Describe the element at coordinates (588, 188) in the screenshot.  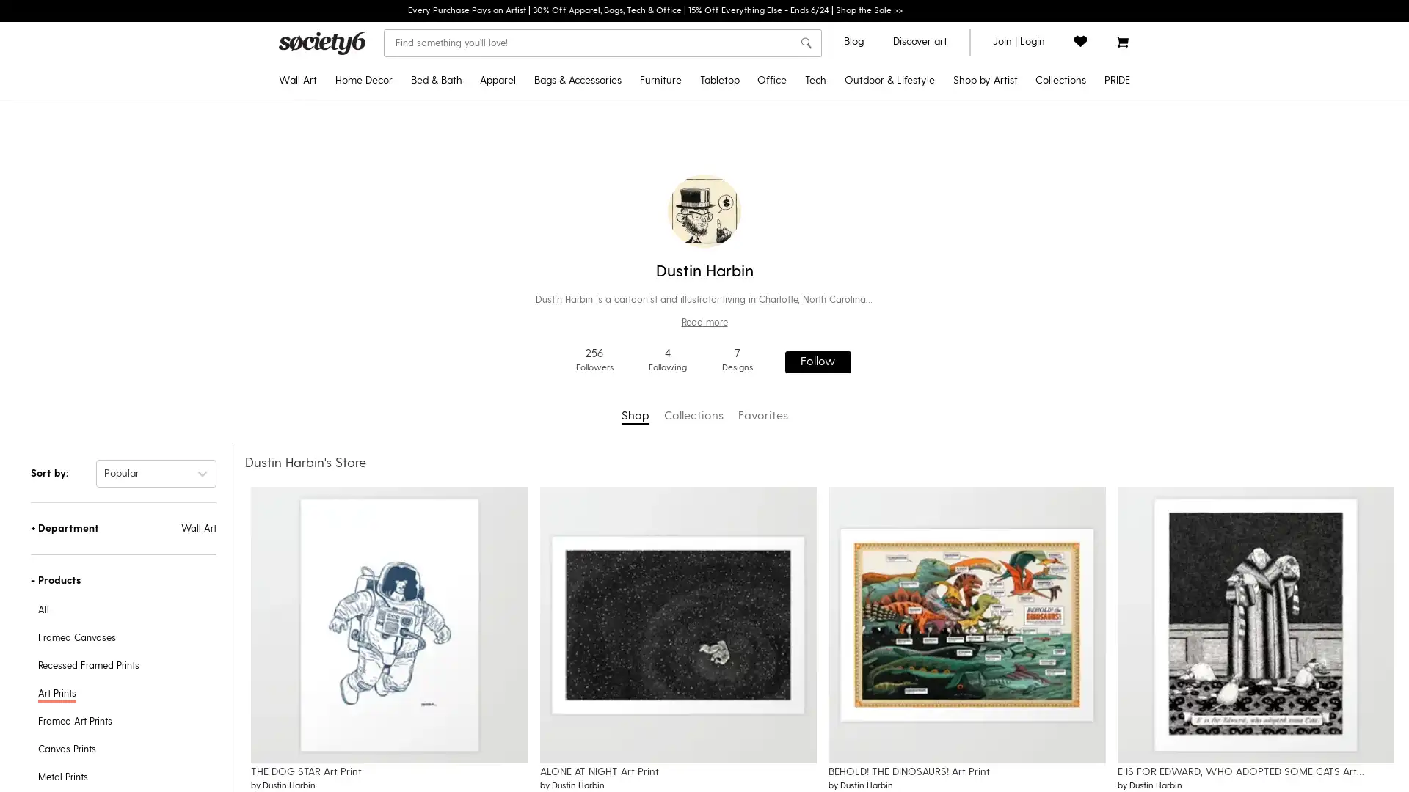
I see `Duffle Bags` at that location.